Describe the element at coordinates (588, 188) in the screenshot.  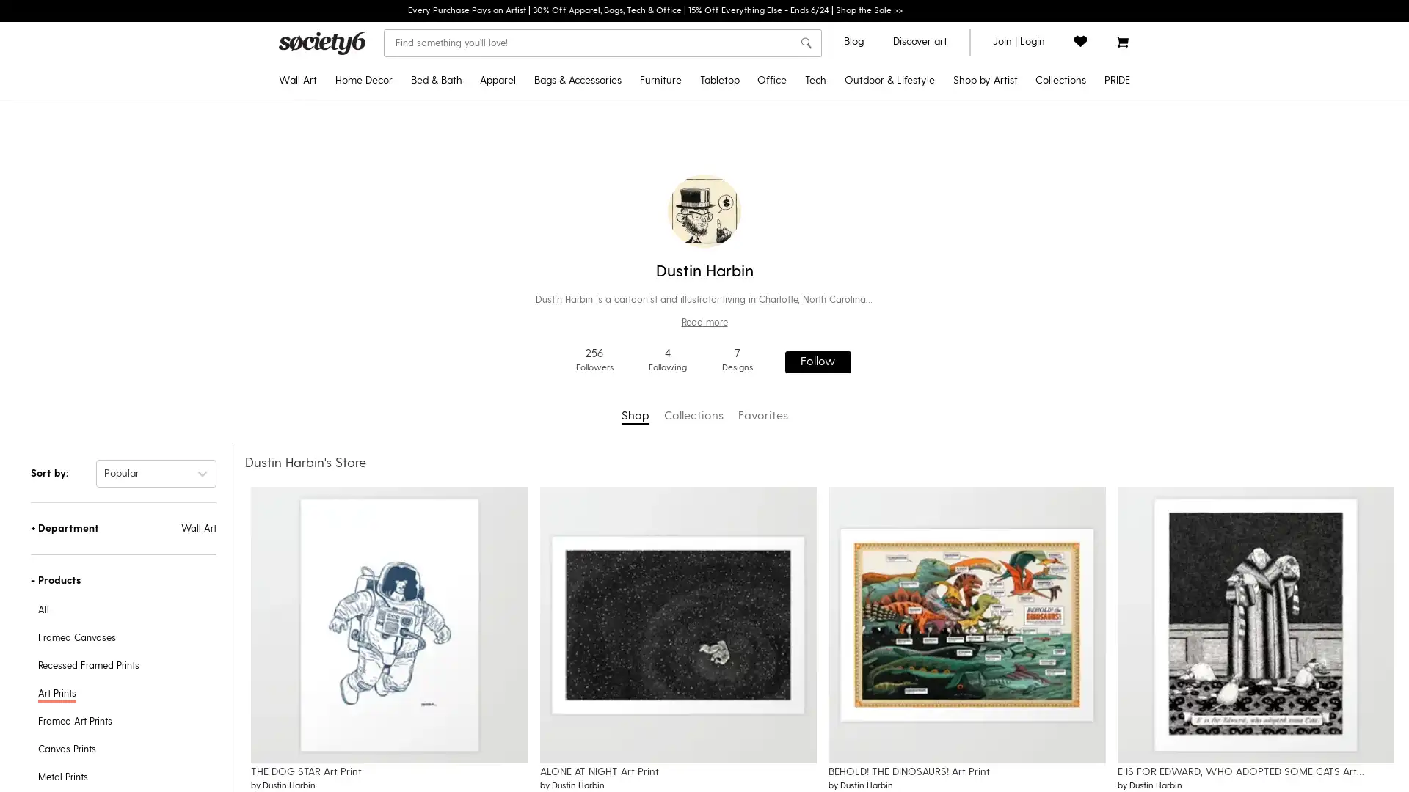
I see `Duffle Bags` at that location.